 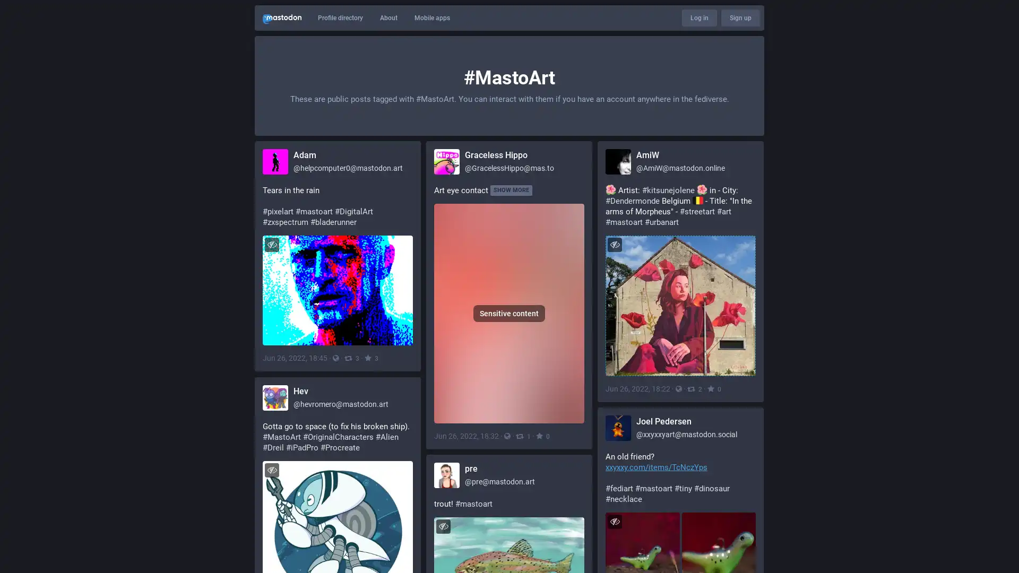 I want to click on Hide image, so click(x=272, y=472).